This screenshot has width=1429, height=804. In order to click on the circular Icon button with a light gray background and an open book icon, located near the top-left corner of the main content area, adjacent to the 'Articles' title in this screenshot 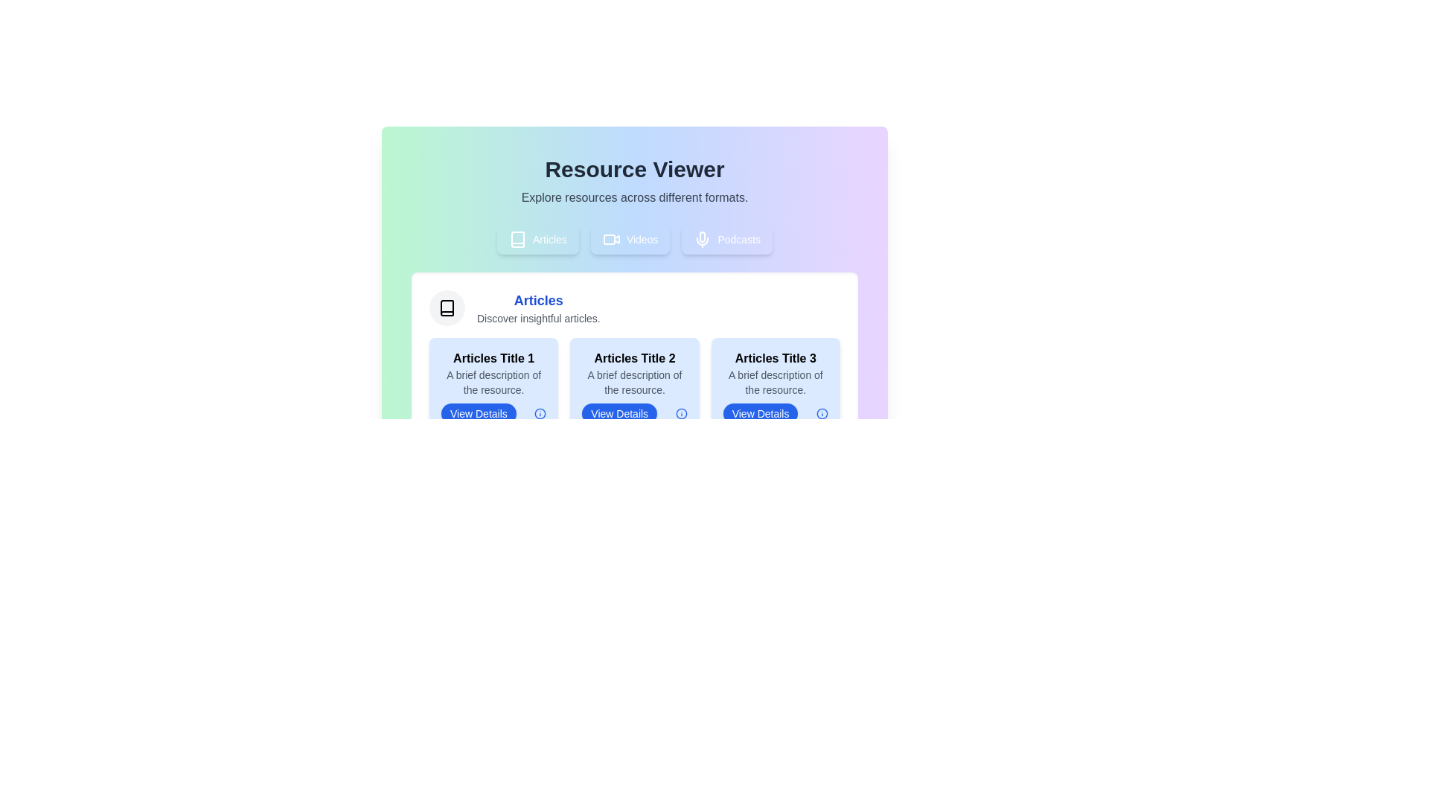, I will do `click(446, 307)`.